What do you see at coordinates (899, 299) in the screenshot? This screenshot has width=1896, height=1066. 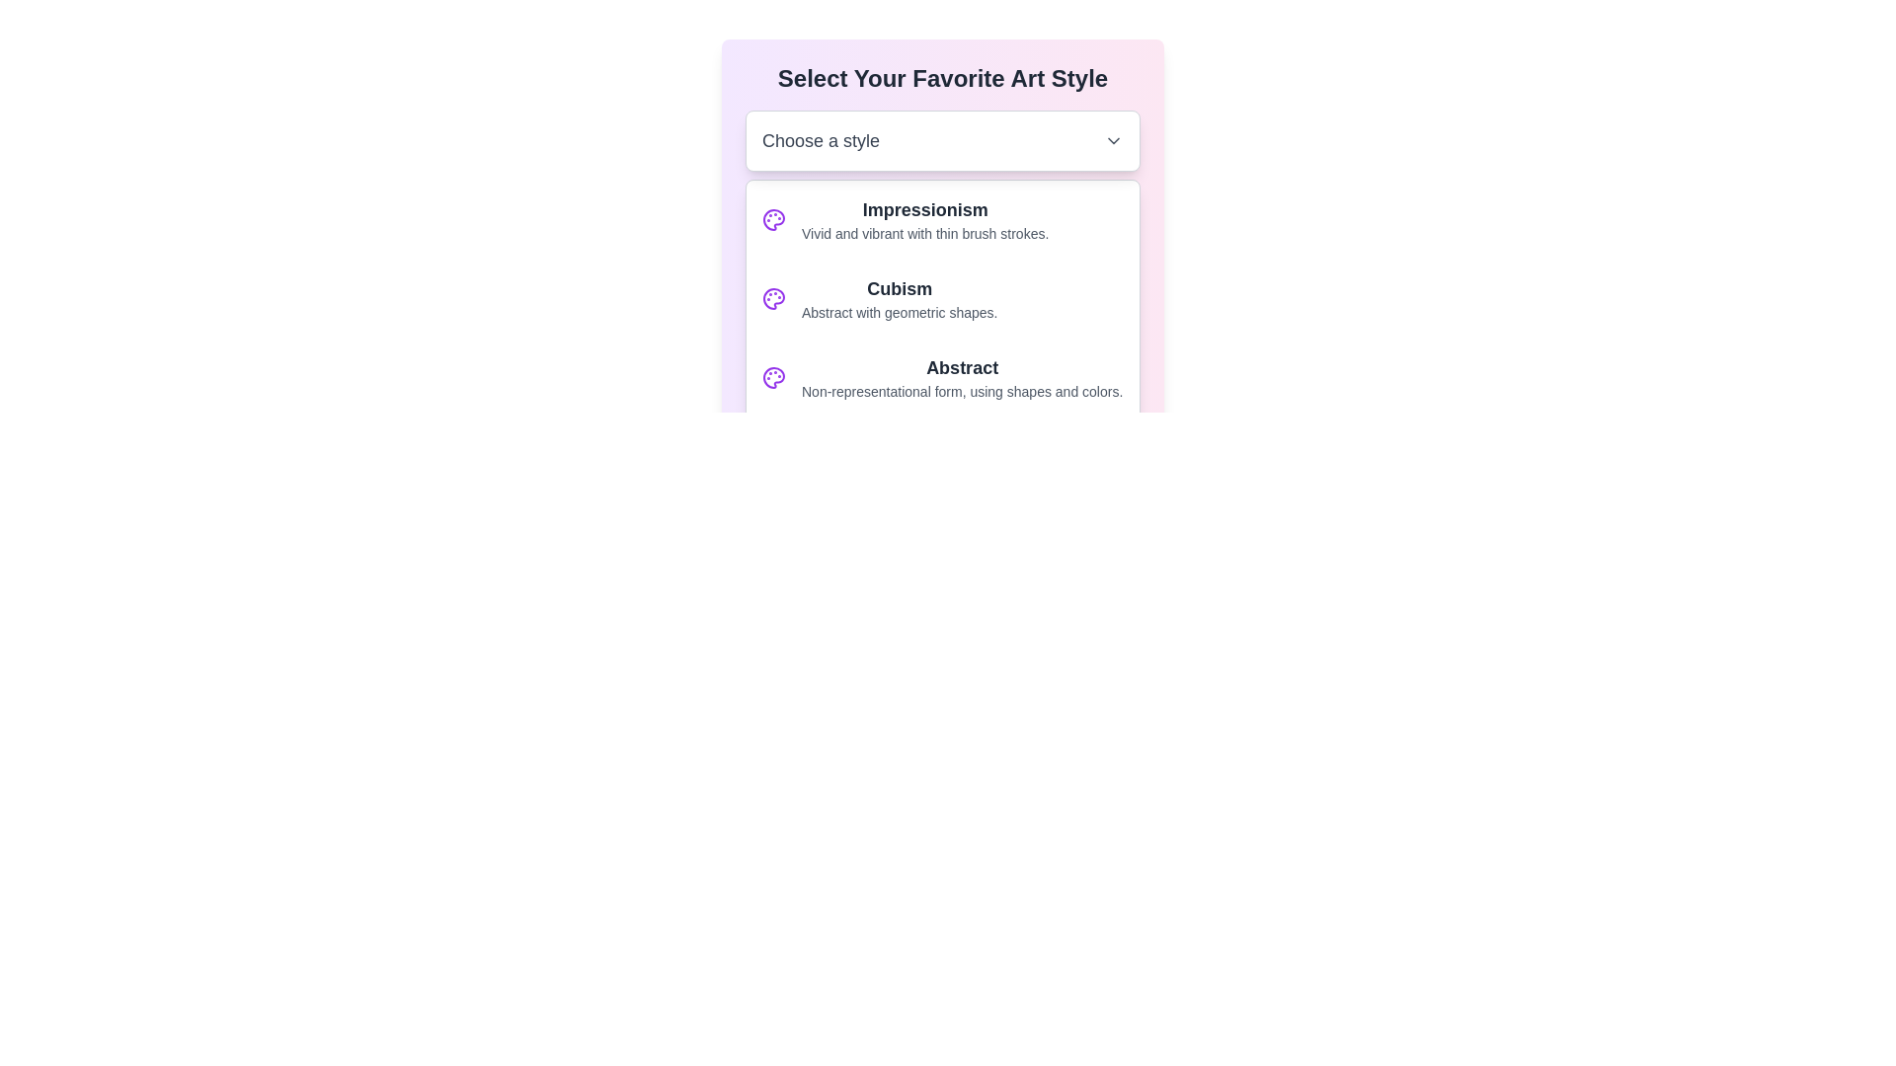 I see `the 'Cubism' style option displayed in the second selectable card under 'Select Your Favorite Art Style.'` at bounding box center [899, 299].